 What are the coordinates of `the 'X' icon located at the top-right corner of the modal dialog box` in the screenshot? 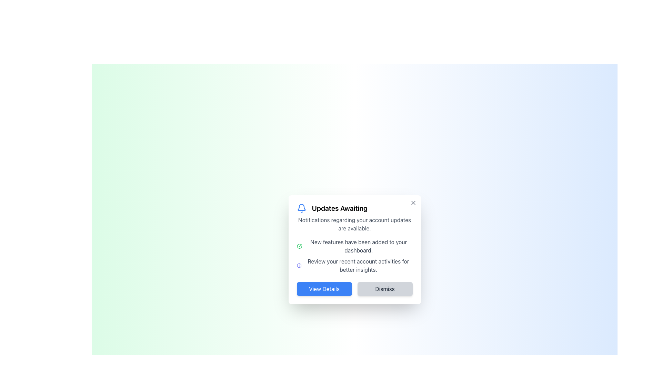 It's located at (413, 203).